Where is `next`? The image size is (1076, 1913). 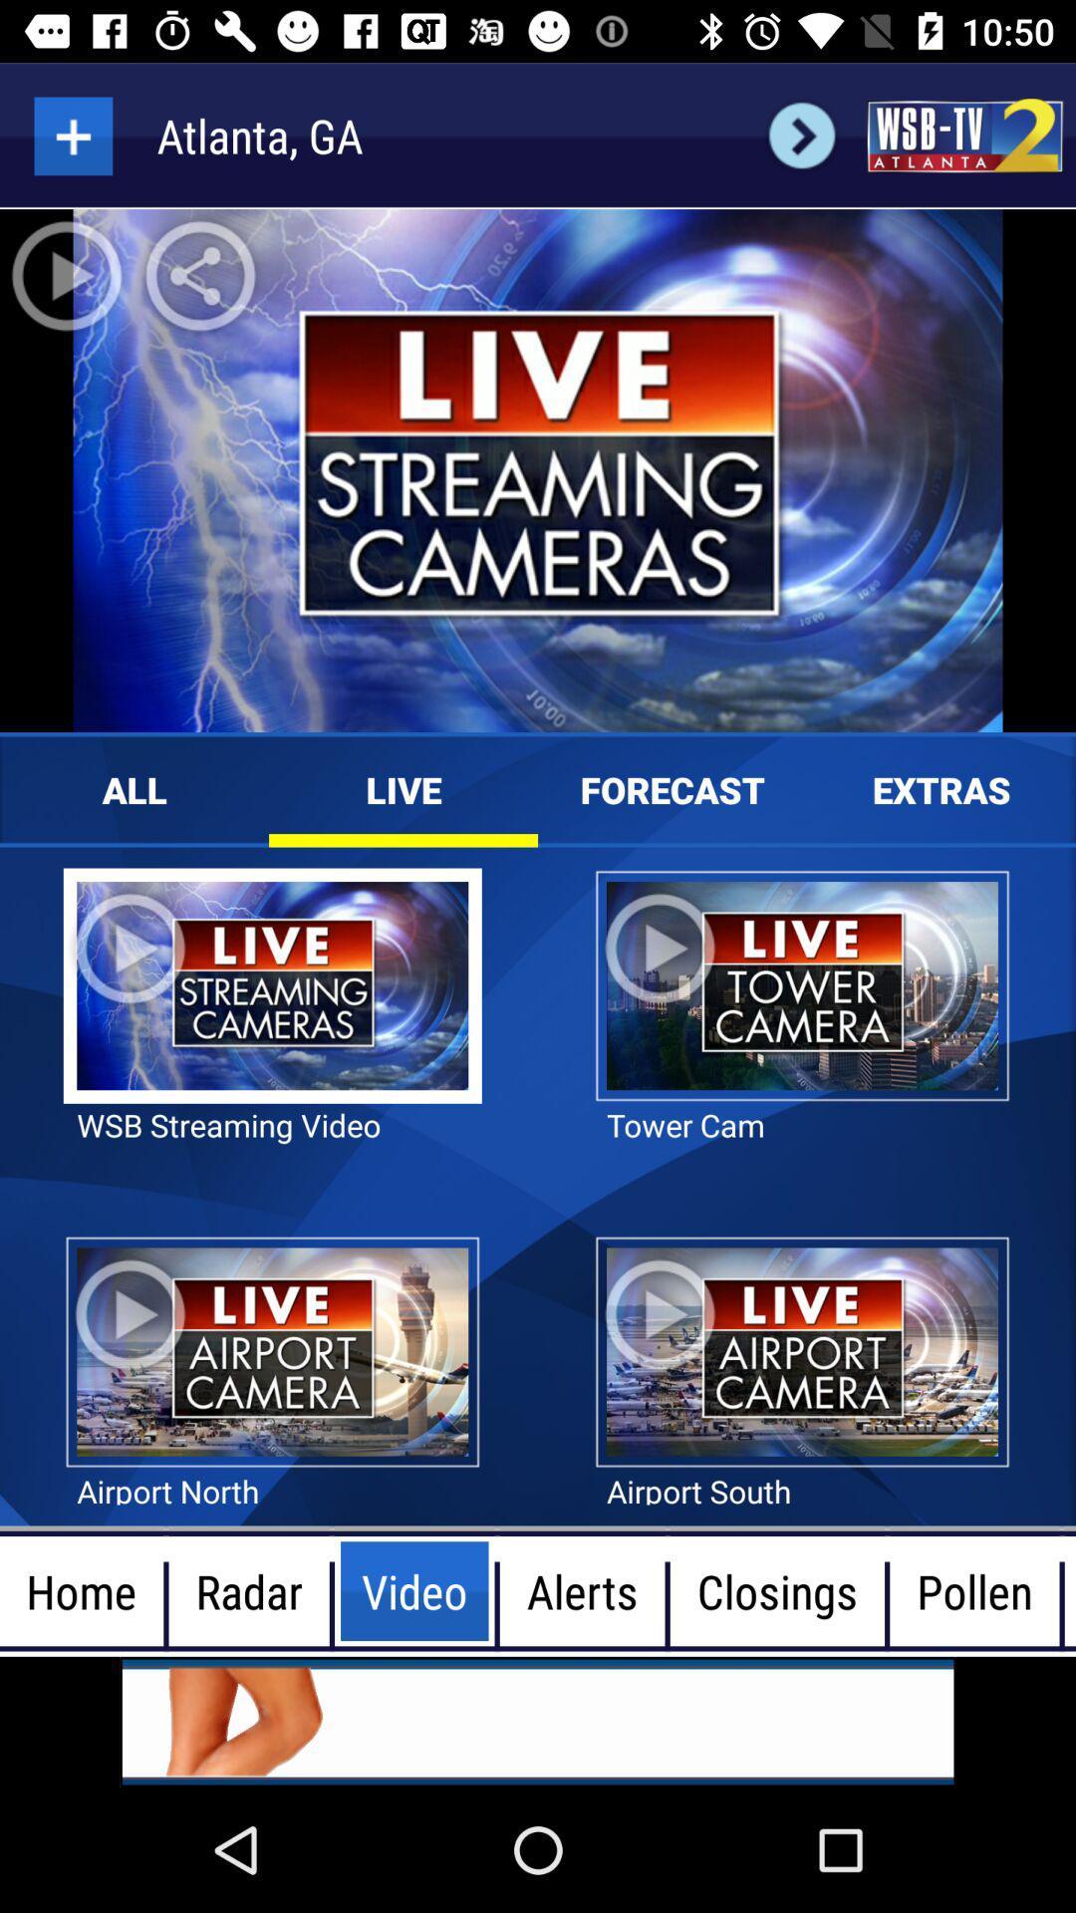
next is located at coordinates (801, 135).